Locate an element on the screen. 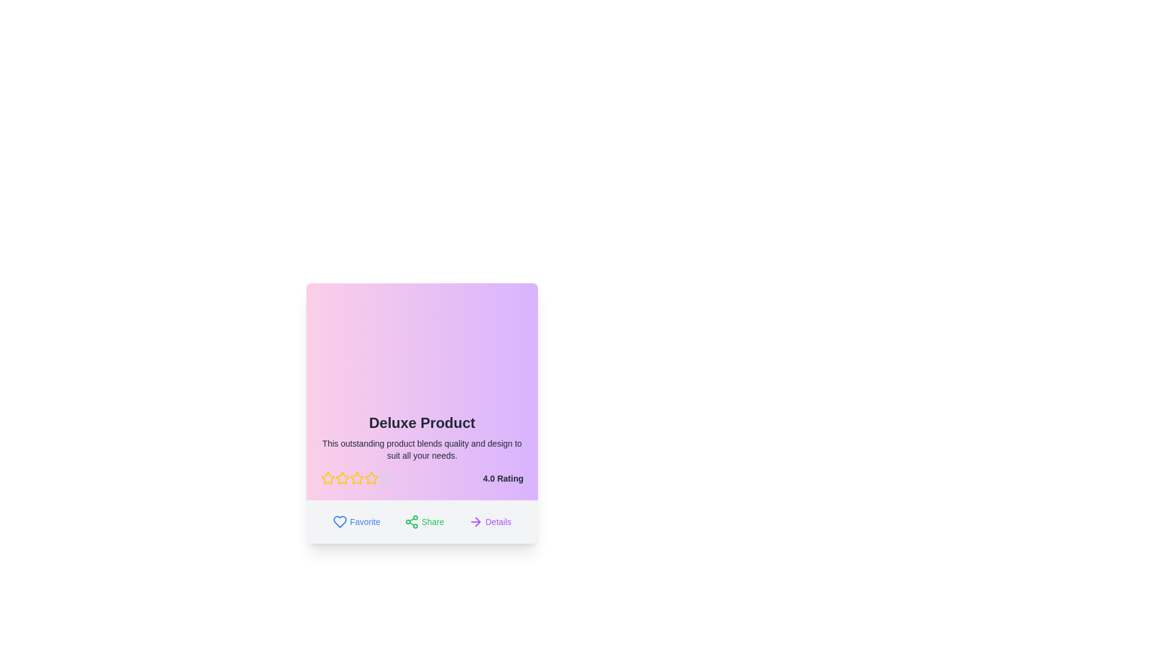  the heart icon located at the bottom left corner of the product card to mark the item as a favorite is located at coordinates (340, 521).